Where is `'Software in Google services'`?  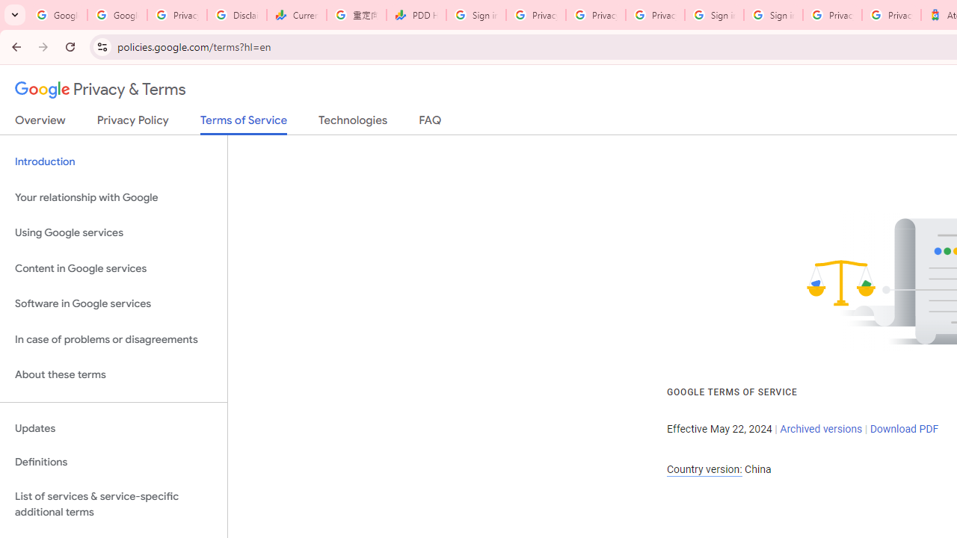
'Software in Google services' is located at coordinates (113, 303).